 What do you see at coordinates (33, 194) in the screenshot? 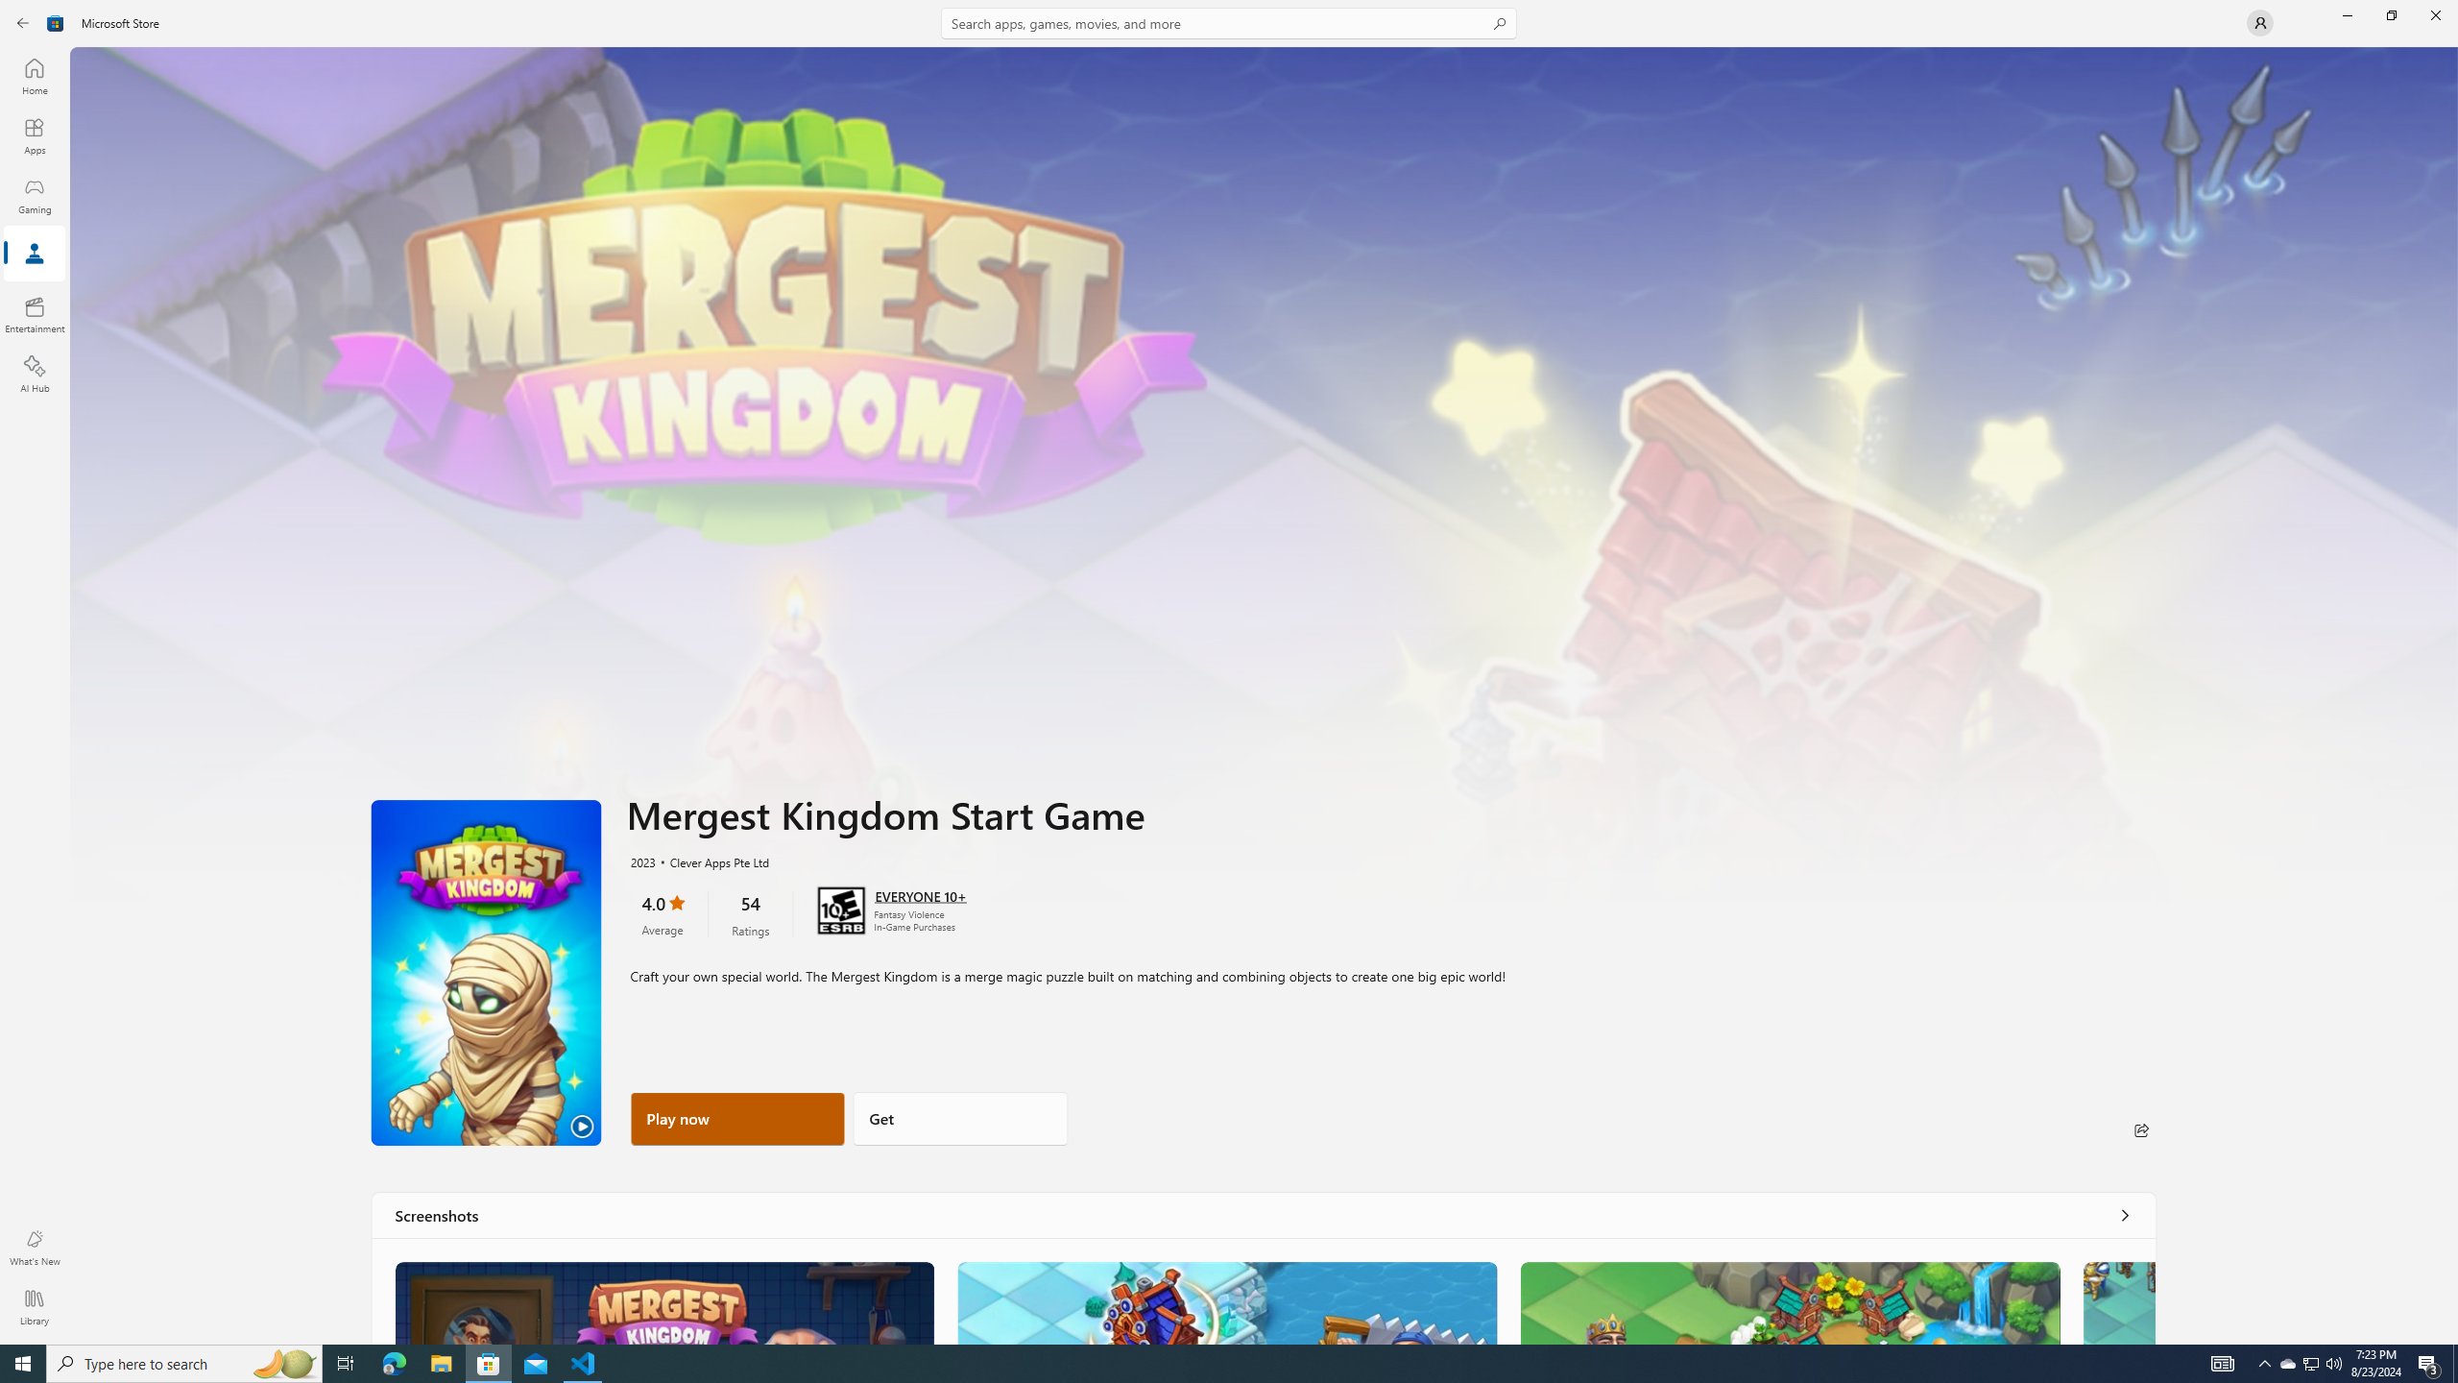
I see `'Gaming'` at bounding box center [33, 194].